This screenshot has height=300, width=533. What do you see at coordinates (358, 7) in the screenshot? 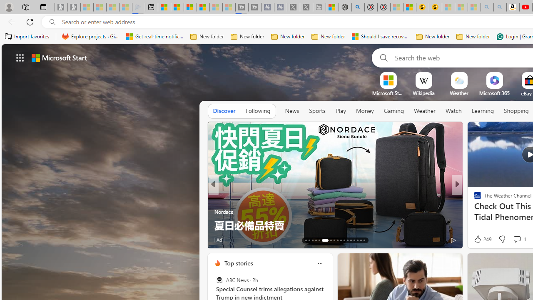
I see `'poe - Search'` at bounding box center [358, 7].